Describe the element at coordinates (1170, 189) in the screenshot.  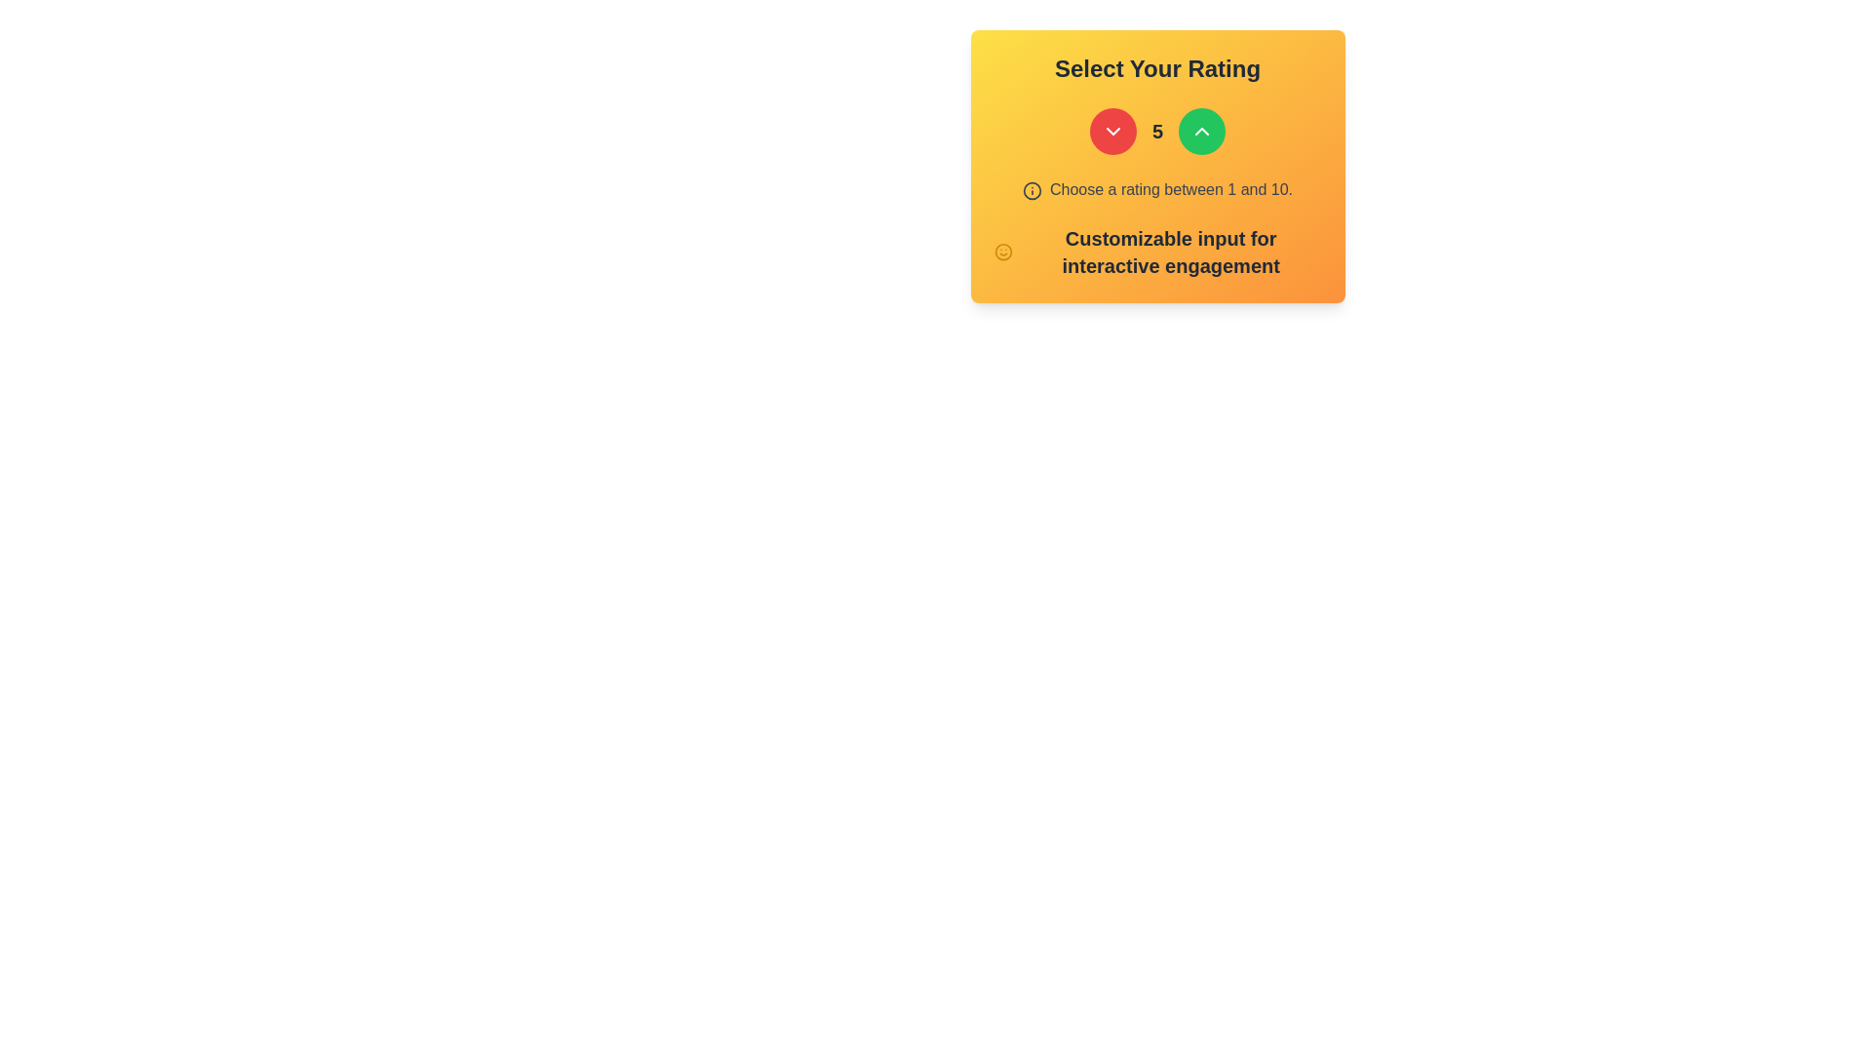
I see `the text label that instructs 'Choose a rating between 1 and 10.' which is styled with a gray font on an orange background` at that location.